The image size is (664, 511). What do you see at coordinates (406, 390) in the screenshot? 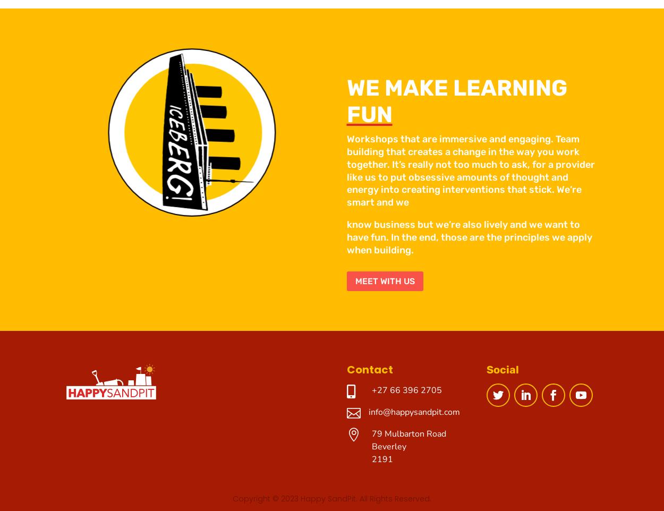
I see `'+27 66 396 2705'` at bounding box center [406, 390].